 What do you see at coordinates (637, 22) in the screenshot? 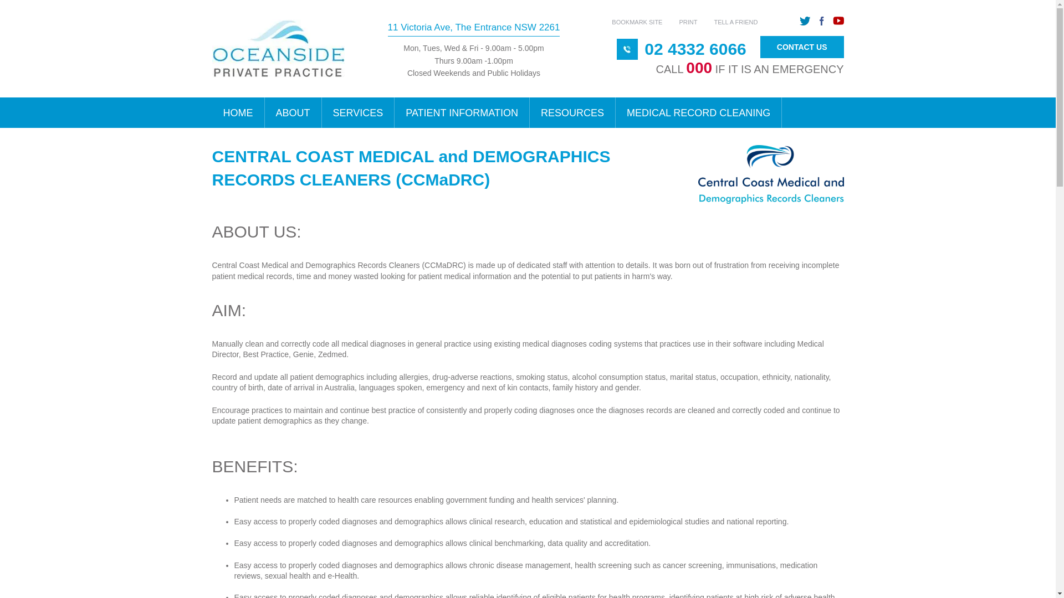
I see `'BOOKMARK SITE'` at bounding box center [637, 22].